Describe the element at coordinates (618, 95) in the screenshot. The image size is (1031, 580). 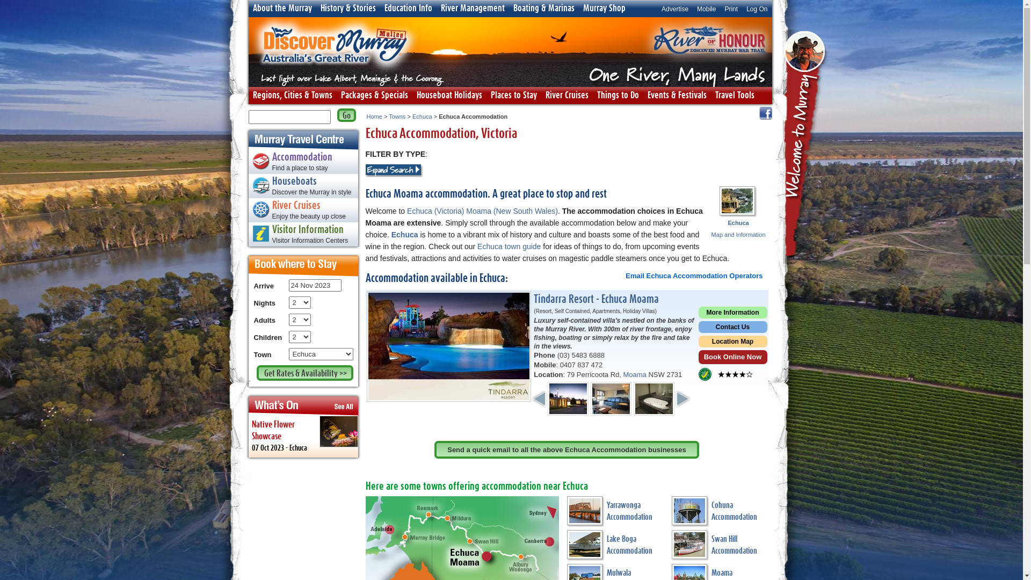
I see `'Things to Do'` at that location.